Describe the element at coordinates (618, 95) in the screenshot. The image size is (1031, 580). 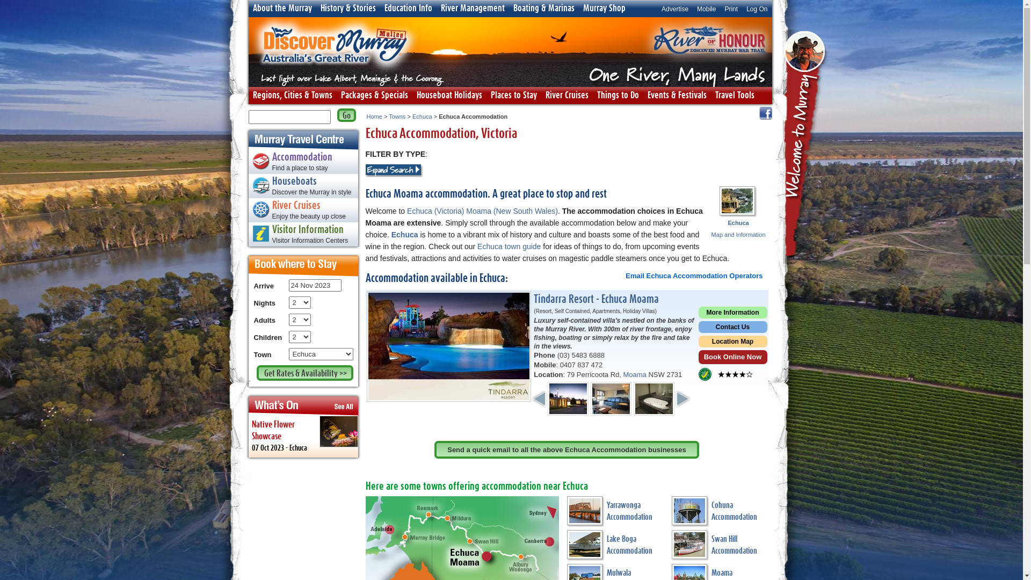
I see `'Things to Do'` at that location.